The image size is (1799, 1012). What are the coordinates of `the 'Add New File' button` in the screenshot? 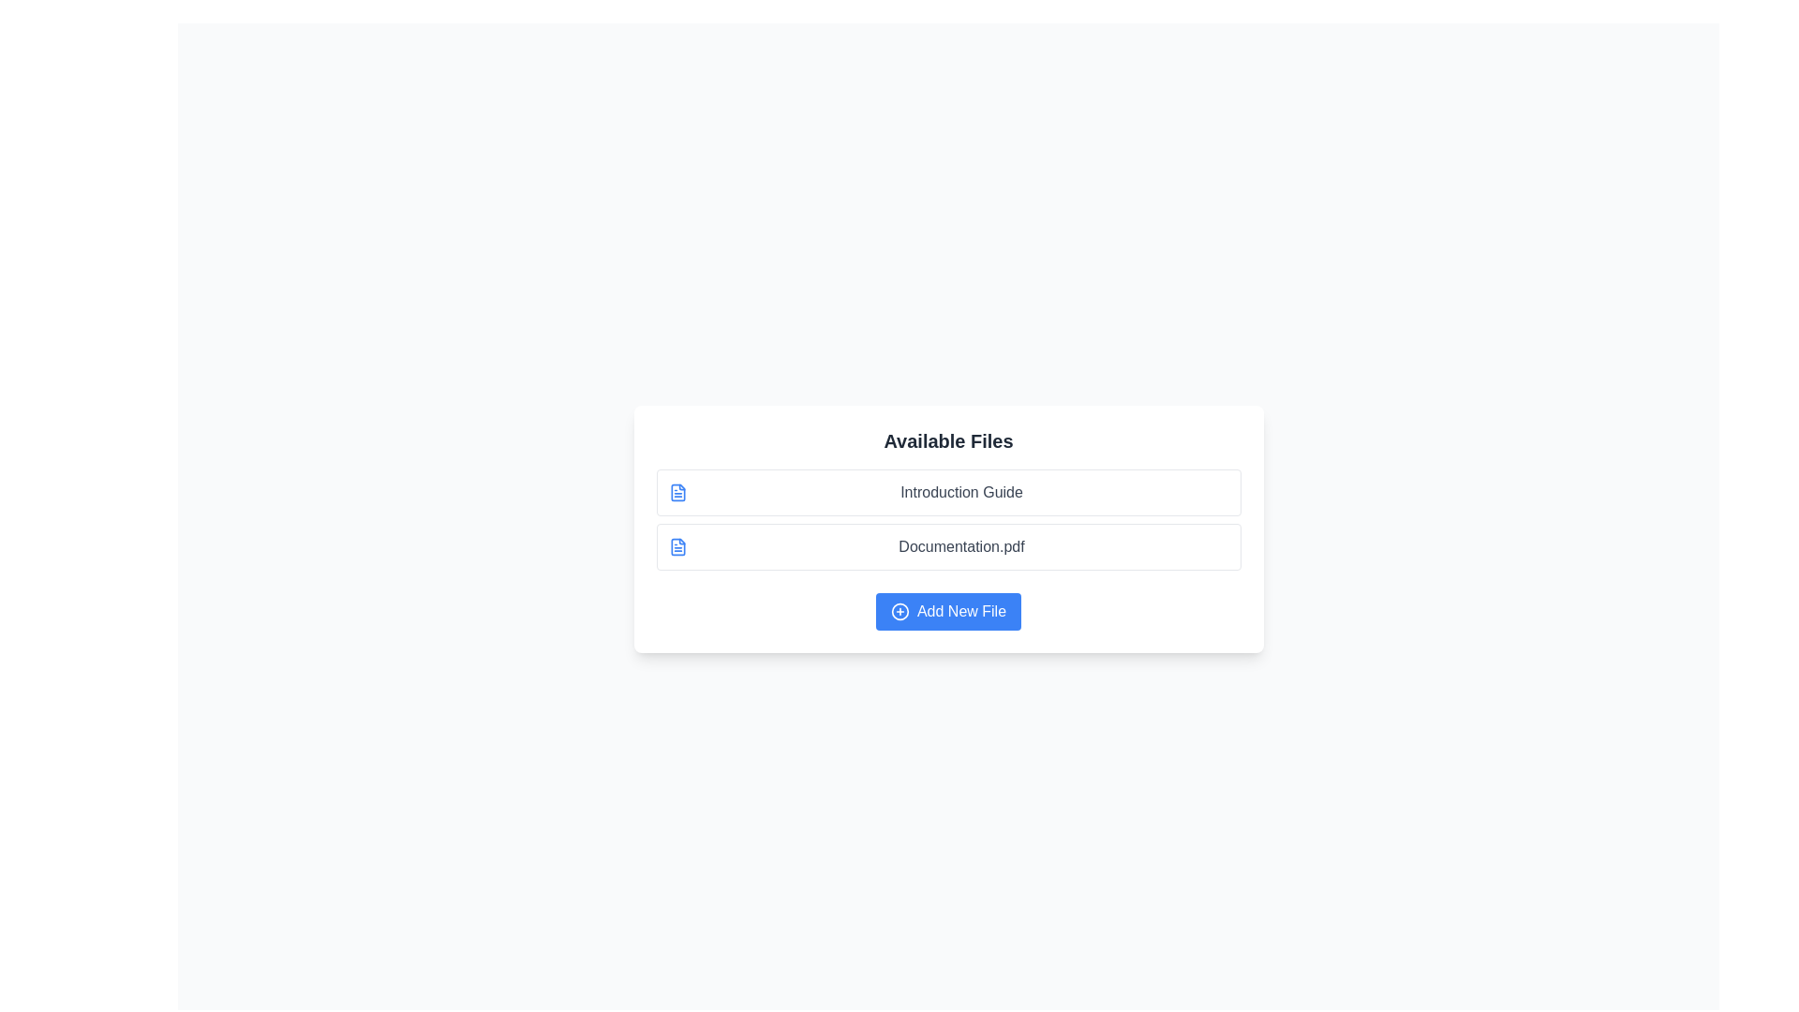 It's located at (948, 611).